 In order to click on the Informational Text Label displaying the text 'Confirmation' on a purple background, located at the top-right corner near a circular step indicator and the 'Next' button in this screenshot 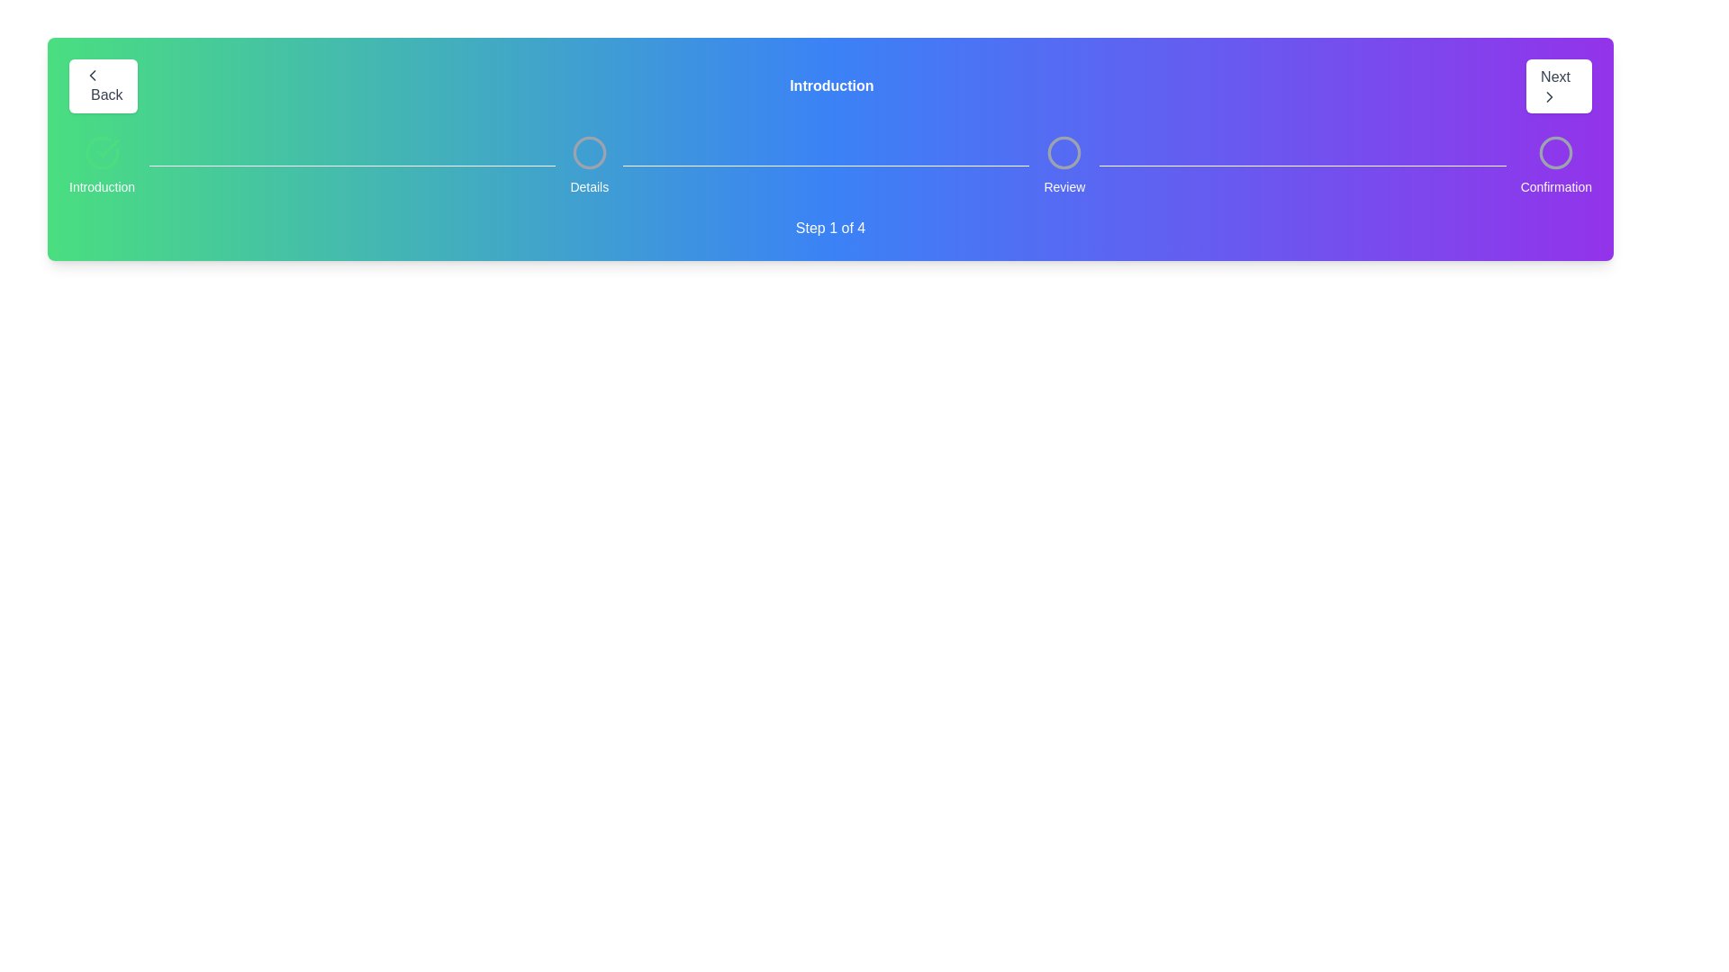, I will do `click(1555, 187)`.